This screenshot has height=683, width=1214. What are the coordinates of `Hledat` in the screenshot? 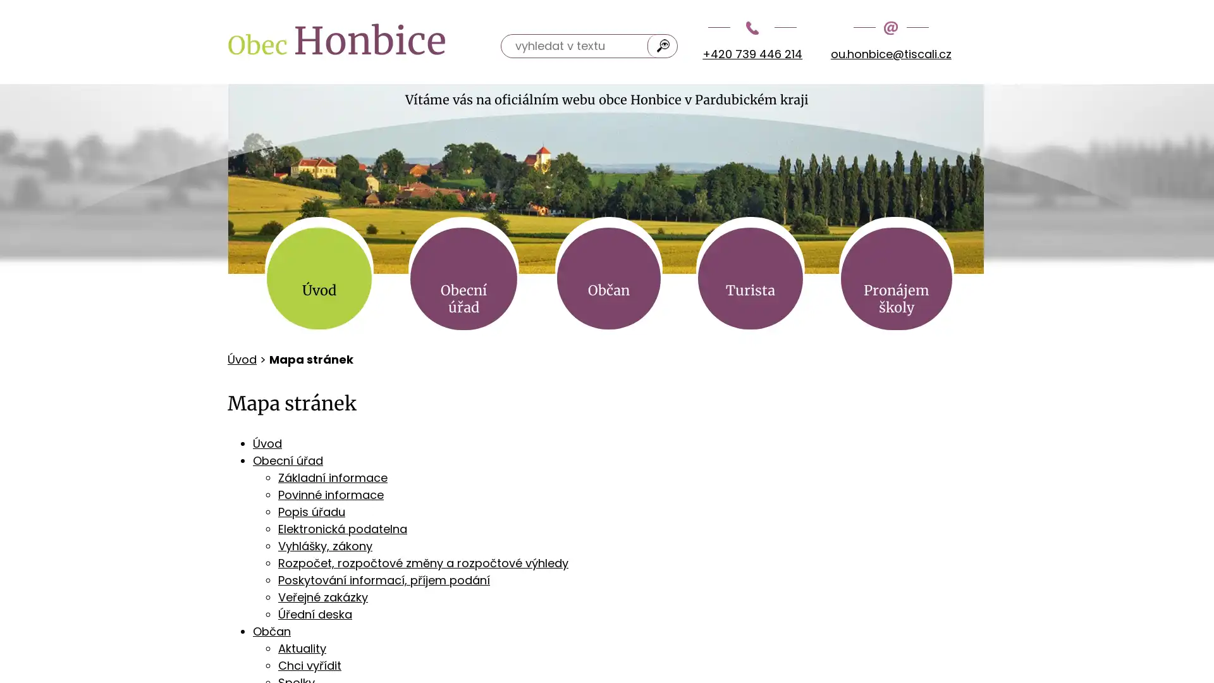 It's located at (663, 45).